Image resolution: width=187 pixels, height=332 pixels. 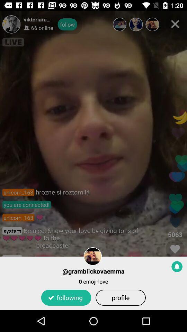 I want to click on the following app, so click(x=66, y=297).